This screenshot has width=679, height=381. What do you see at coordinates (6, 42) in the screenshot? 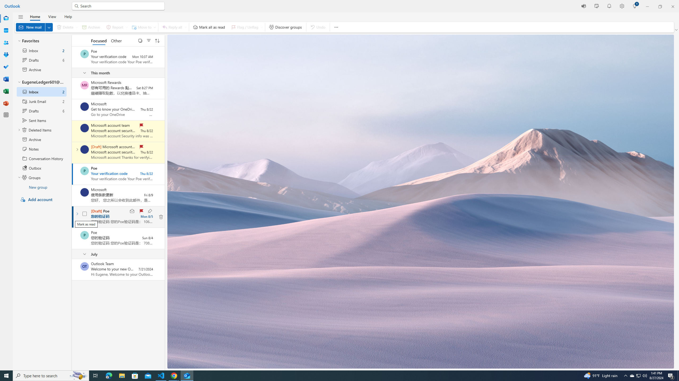
I see `'People'` at bounding box center [6, 42].